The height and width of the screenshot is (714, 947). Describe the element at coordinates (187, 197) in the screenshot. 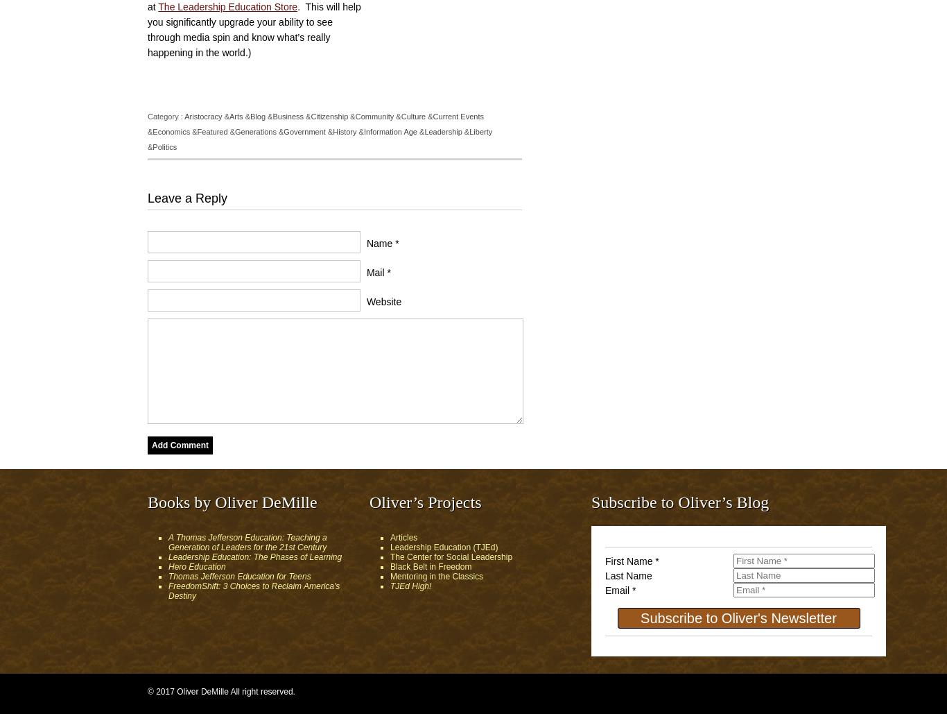

I see `'Leave a Reply'` at that location.